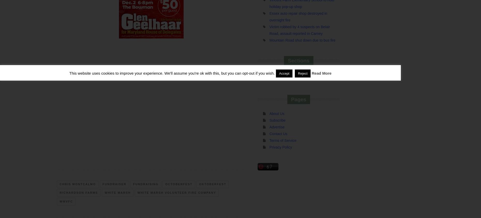 The height and width of the screenshot is (218, 481). Describe the element at coordinates (281, 147) in the screenshot. I see `'Privacy Policy'` at that location.